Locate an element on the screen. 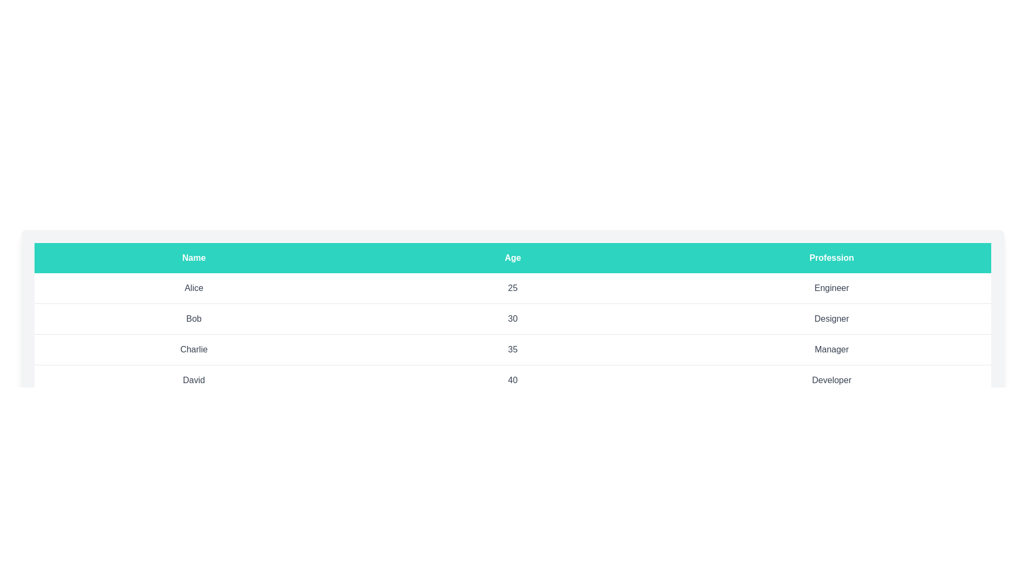 This screenshot has width=1036, height=582. the text element displaying the name 'Bob', located in the second row under the 'Name' column of the table is located at coordinates (194, 318).